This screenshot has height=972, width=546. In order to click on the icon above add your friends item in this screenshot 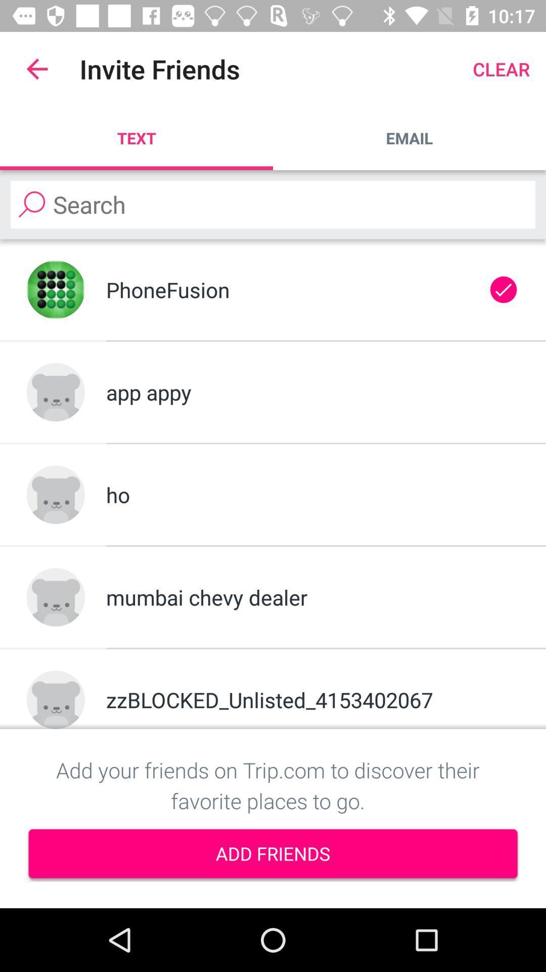, I will do `click(312, 699)`.